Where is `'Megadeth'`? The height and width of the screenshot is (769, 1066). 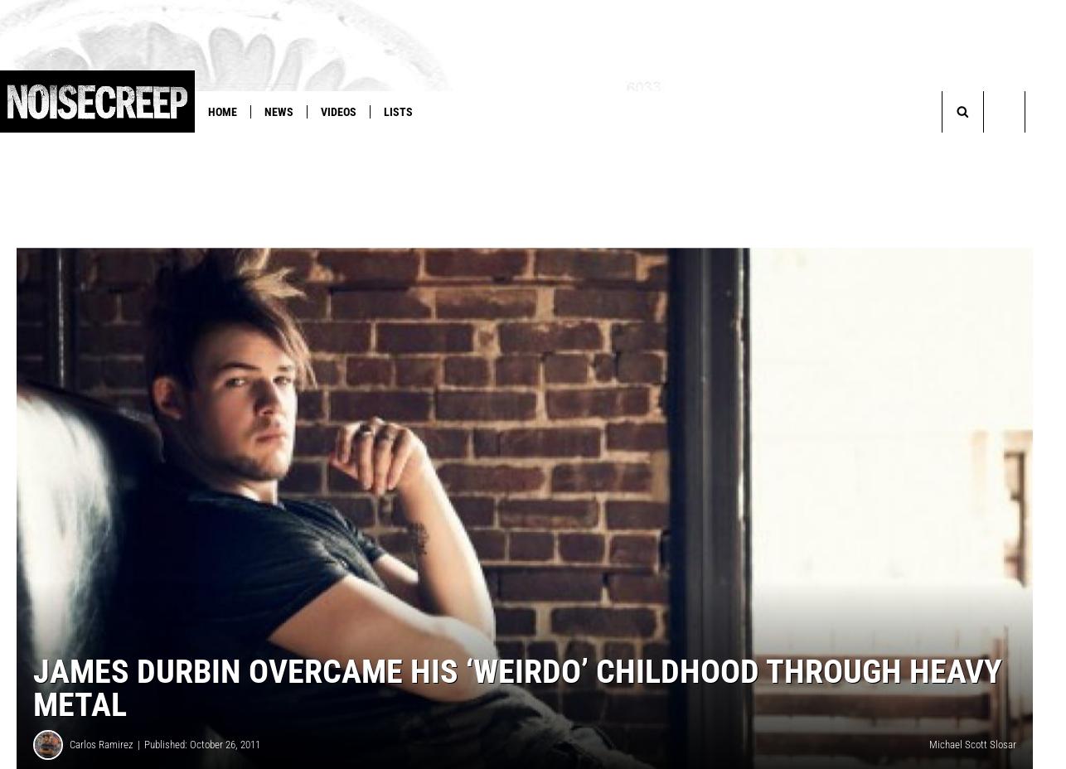 'Megadeth' is located at coordinates (337, 146).